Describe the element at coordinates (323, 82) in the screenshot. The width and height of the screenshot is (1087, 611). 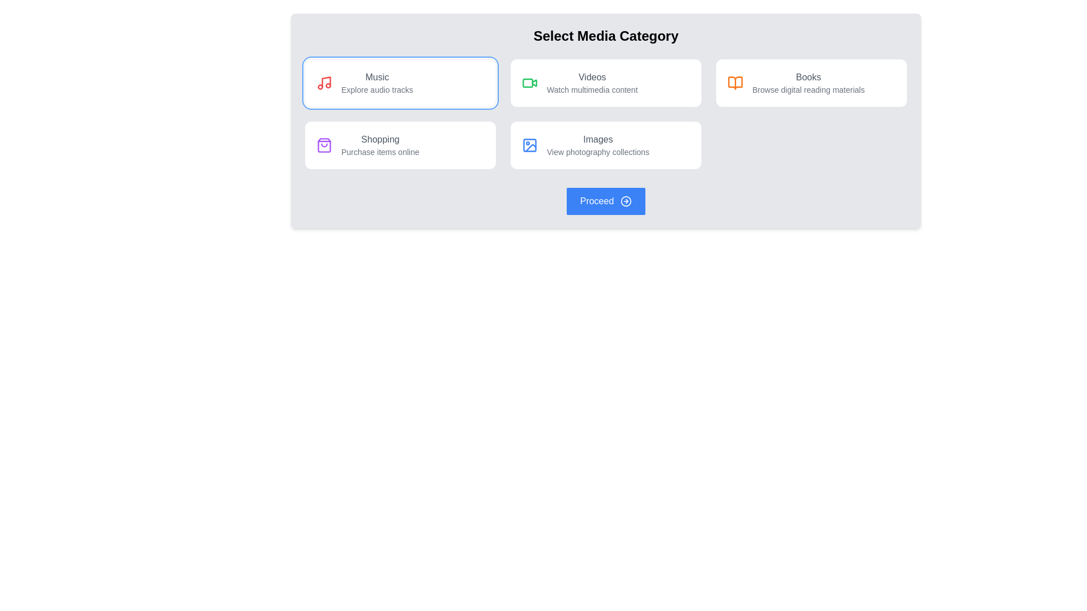
I see `the bright red music note icon located within the white card labeled 'Music' with the subtext 'Explore audio tracks'` at that location.